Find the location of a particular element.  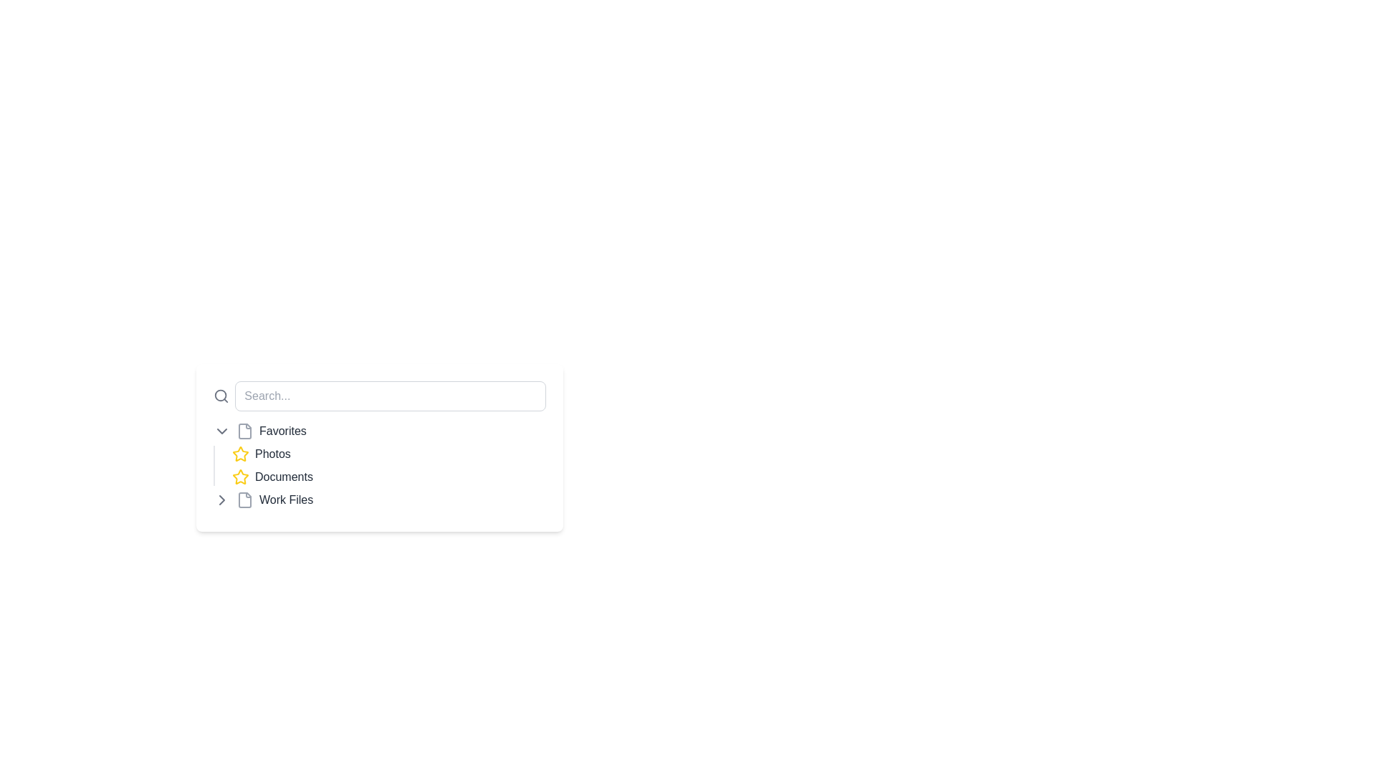

the 'Favorites' list item is located at coordinates (379, 430).